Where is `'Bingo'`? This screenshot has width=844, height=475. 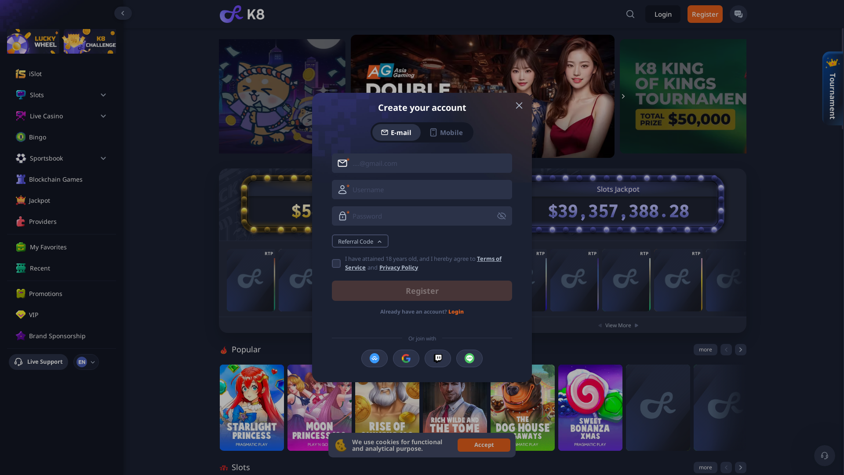 'Bingo' is located at coordinates (67, 137).